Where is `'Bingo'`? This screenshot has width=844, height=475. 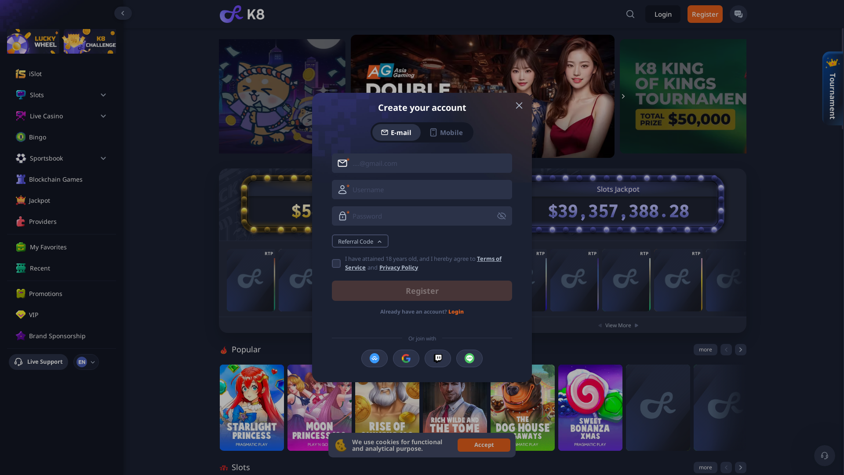 'Bingo' is located at coordinates (67, 137).